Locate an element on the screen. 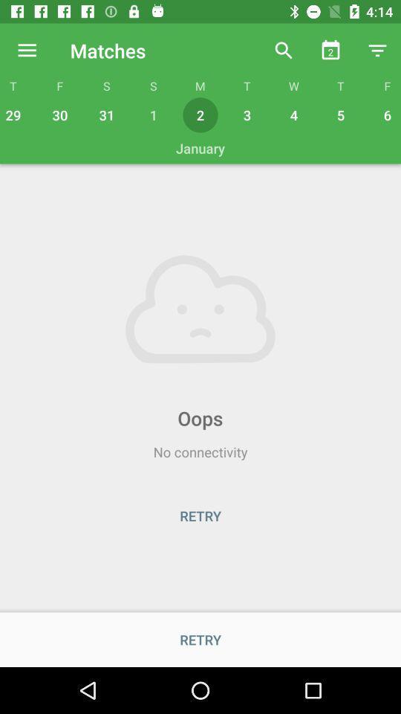 This screenshot has width=401, height=714. item next to 30 icon is located at coordinates (106, 114).